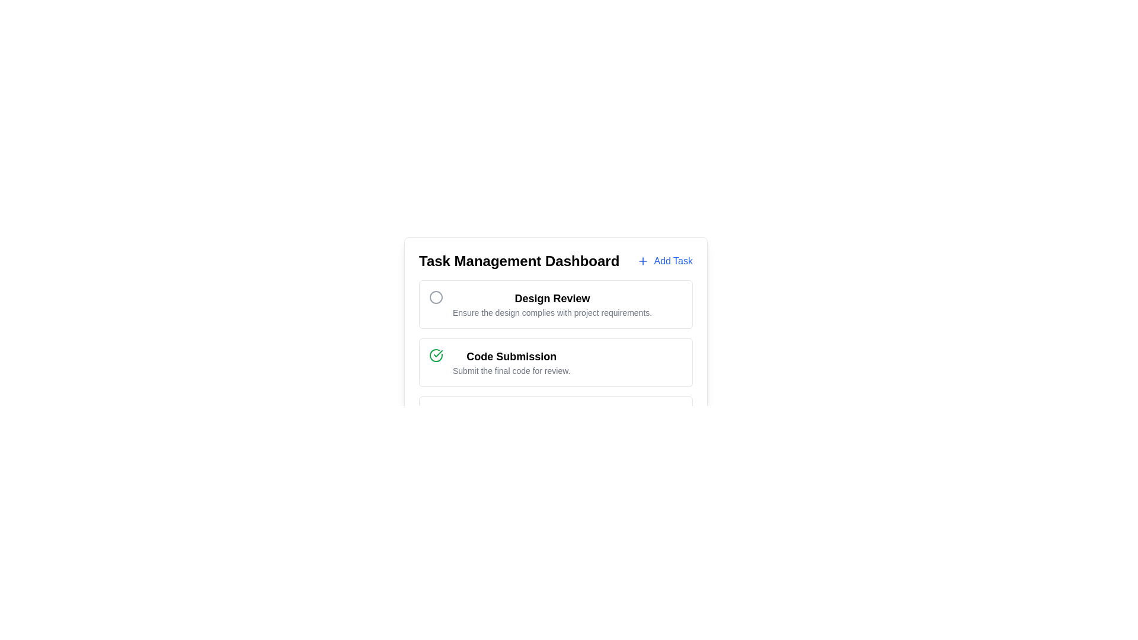 The width and height of the screenshot is (1138, 640). I want to click on text from the label titled 'Code Submission', which is the second item in a vertical list, located to the right of a green check icon and above the description 'Submit the final code for review', so click(512, 356).